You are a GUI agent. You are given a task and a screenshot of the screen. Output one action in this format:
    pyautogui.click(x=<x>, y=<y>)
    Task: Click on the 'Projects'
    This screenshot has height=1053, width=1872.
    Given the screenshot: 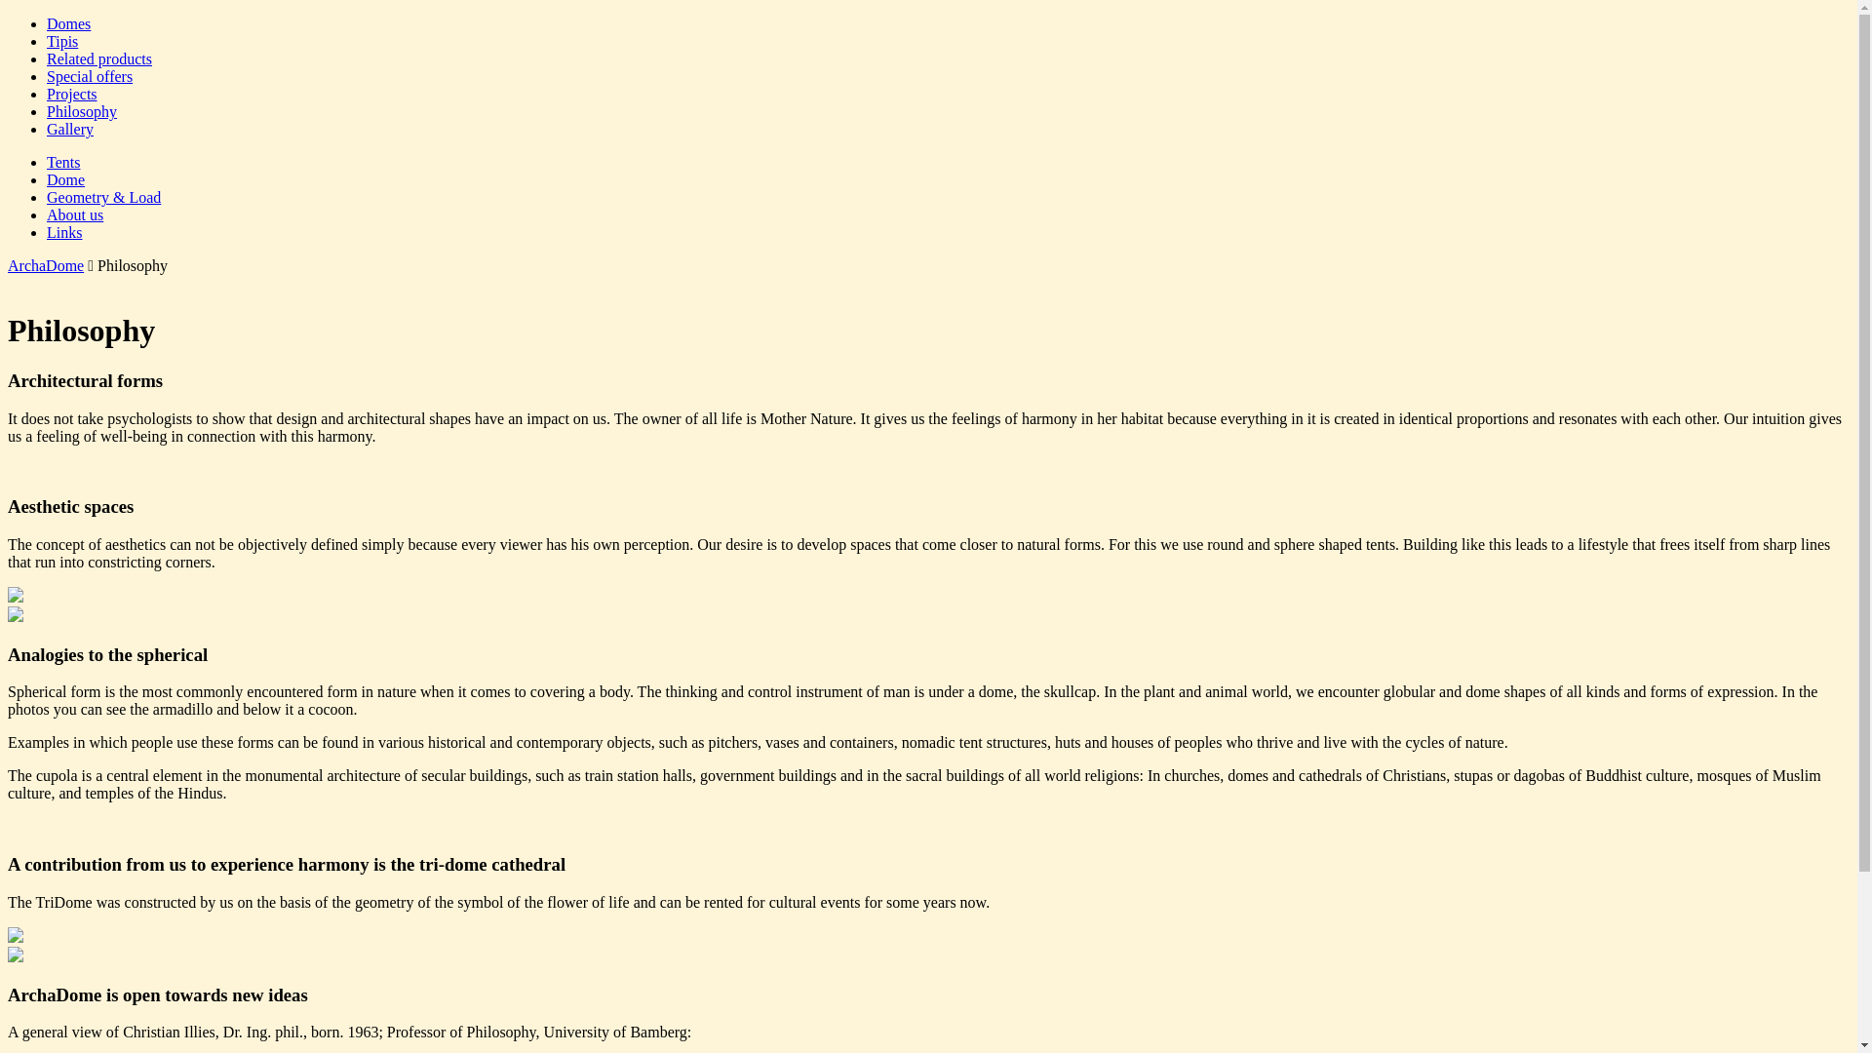 What is the action you would take?
    pyautogui.click(x=71, y=94)
    